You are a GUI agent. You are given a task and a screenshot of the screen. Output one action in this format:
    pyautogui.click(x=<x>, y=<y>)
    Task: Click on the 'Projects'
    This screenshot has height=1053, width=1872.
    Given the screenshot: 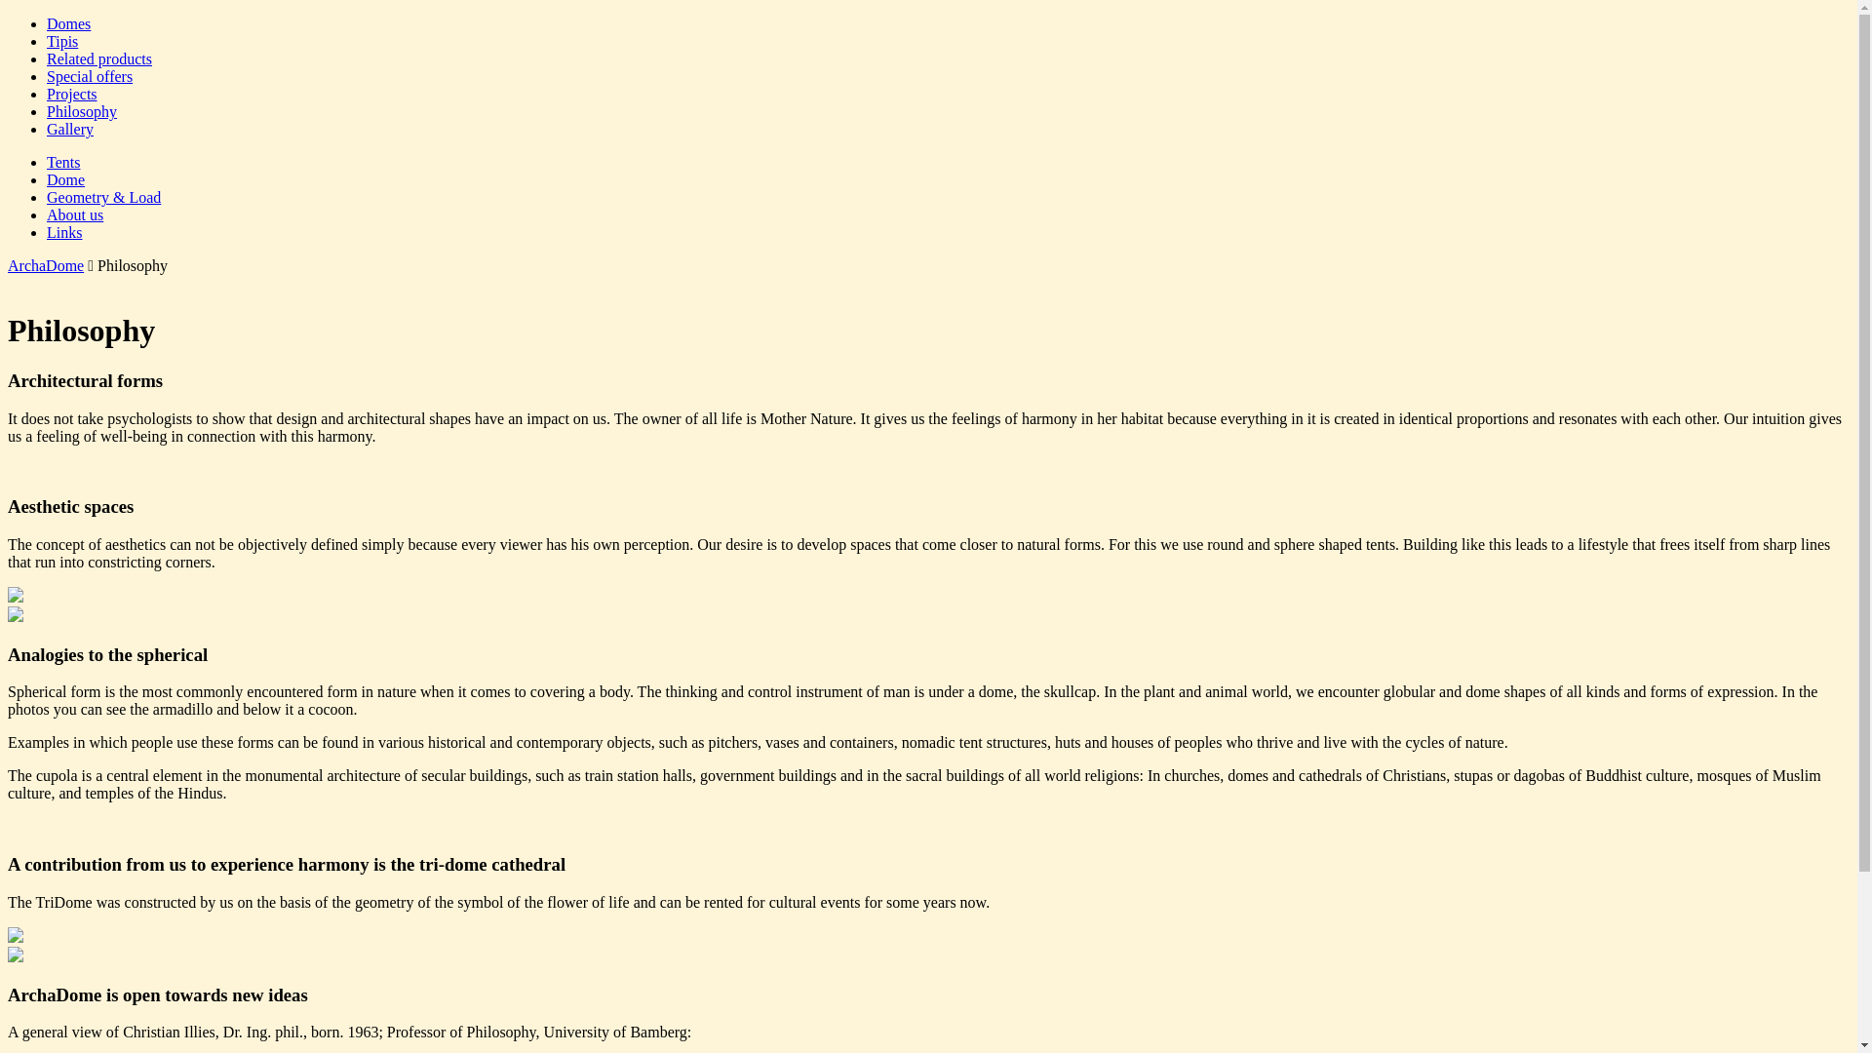 What is the action you would take?
    pyautogui.click(x=71, y=94)
    